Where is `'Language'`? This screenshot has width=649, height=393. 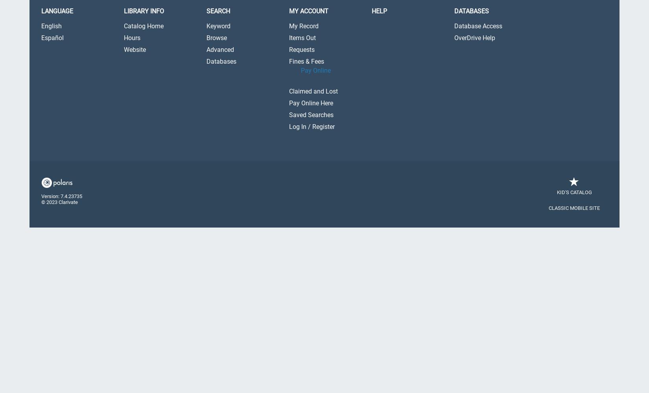
'Language' is located at coordinates (57, 11).